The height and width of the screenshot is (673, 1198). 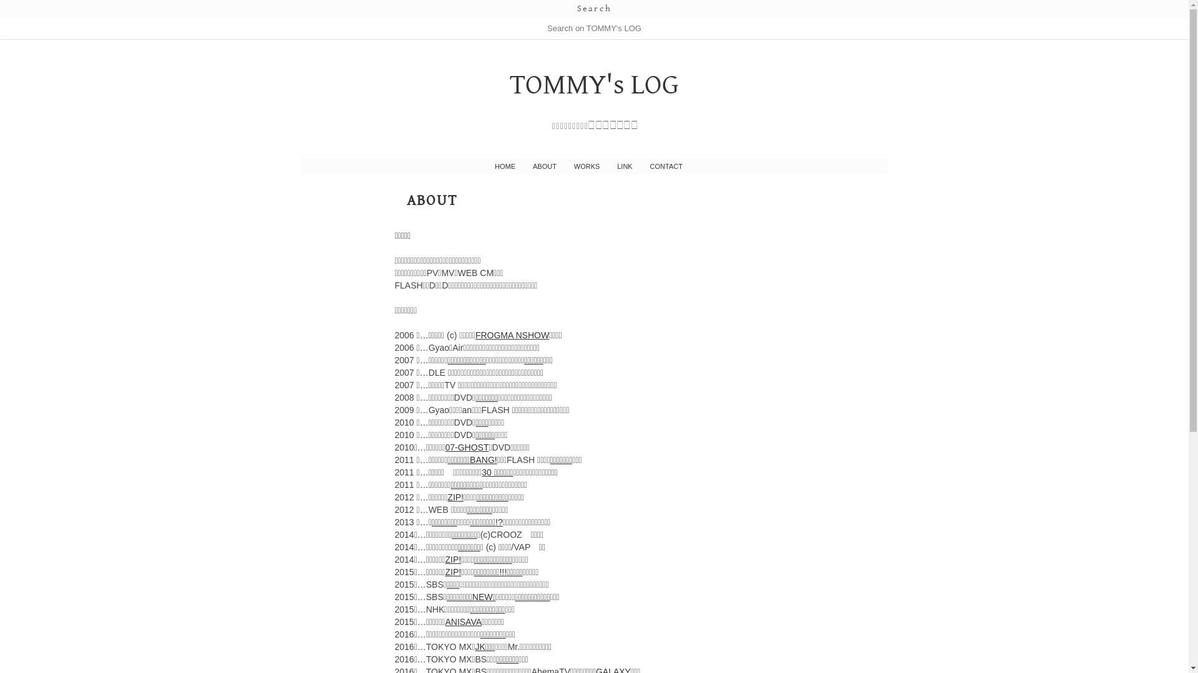 I want to click on 'LINK', so click(x=625, y=166).